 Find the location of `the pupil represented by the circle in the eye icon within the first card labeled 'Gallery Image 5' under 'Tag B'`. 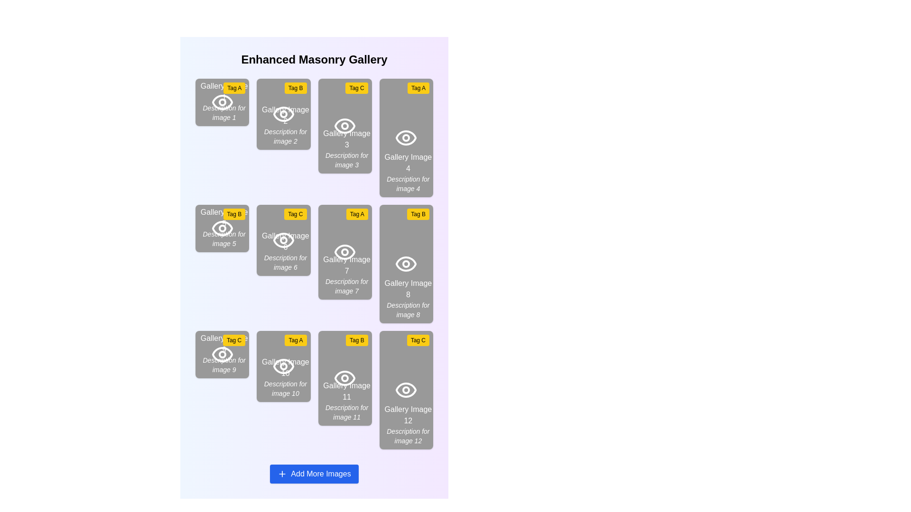

the pupil represented by the circle in the eye icon within the first card labeled 'Gallery Image 5' under 'Tag B' is located at coordinates (222, 229).